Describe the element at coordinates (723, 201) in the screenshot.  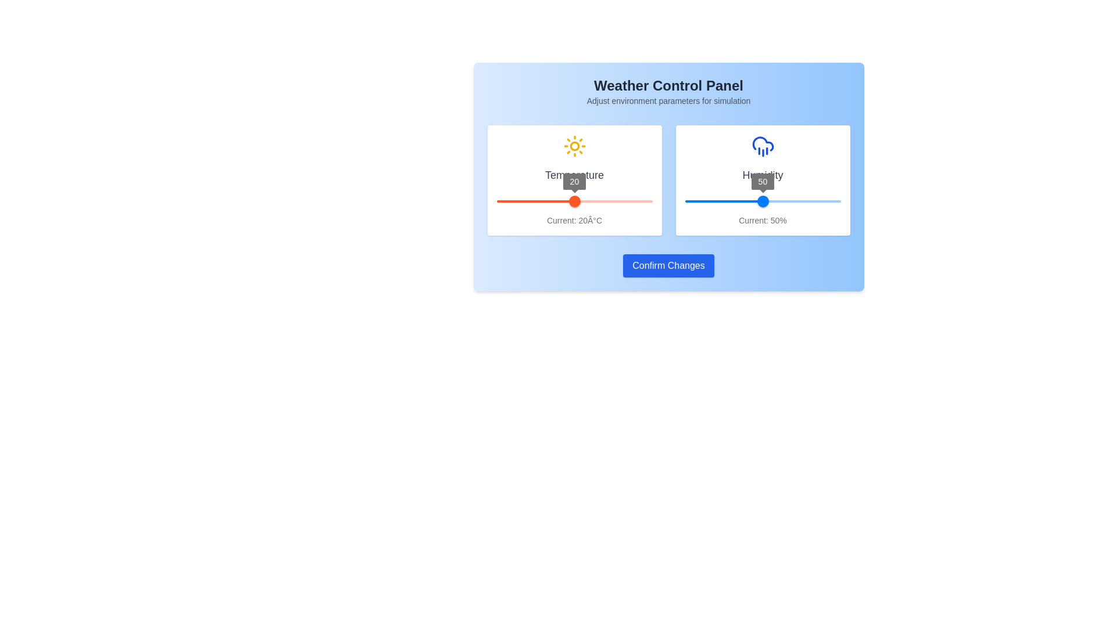
I see `the horizontal red slider track representing 50% of the humidity slider component on the right side of the interface` at that location.